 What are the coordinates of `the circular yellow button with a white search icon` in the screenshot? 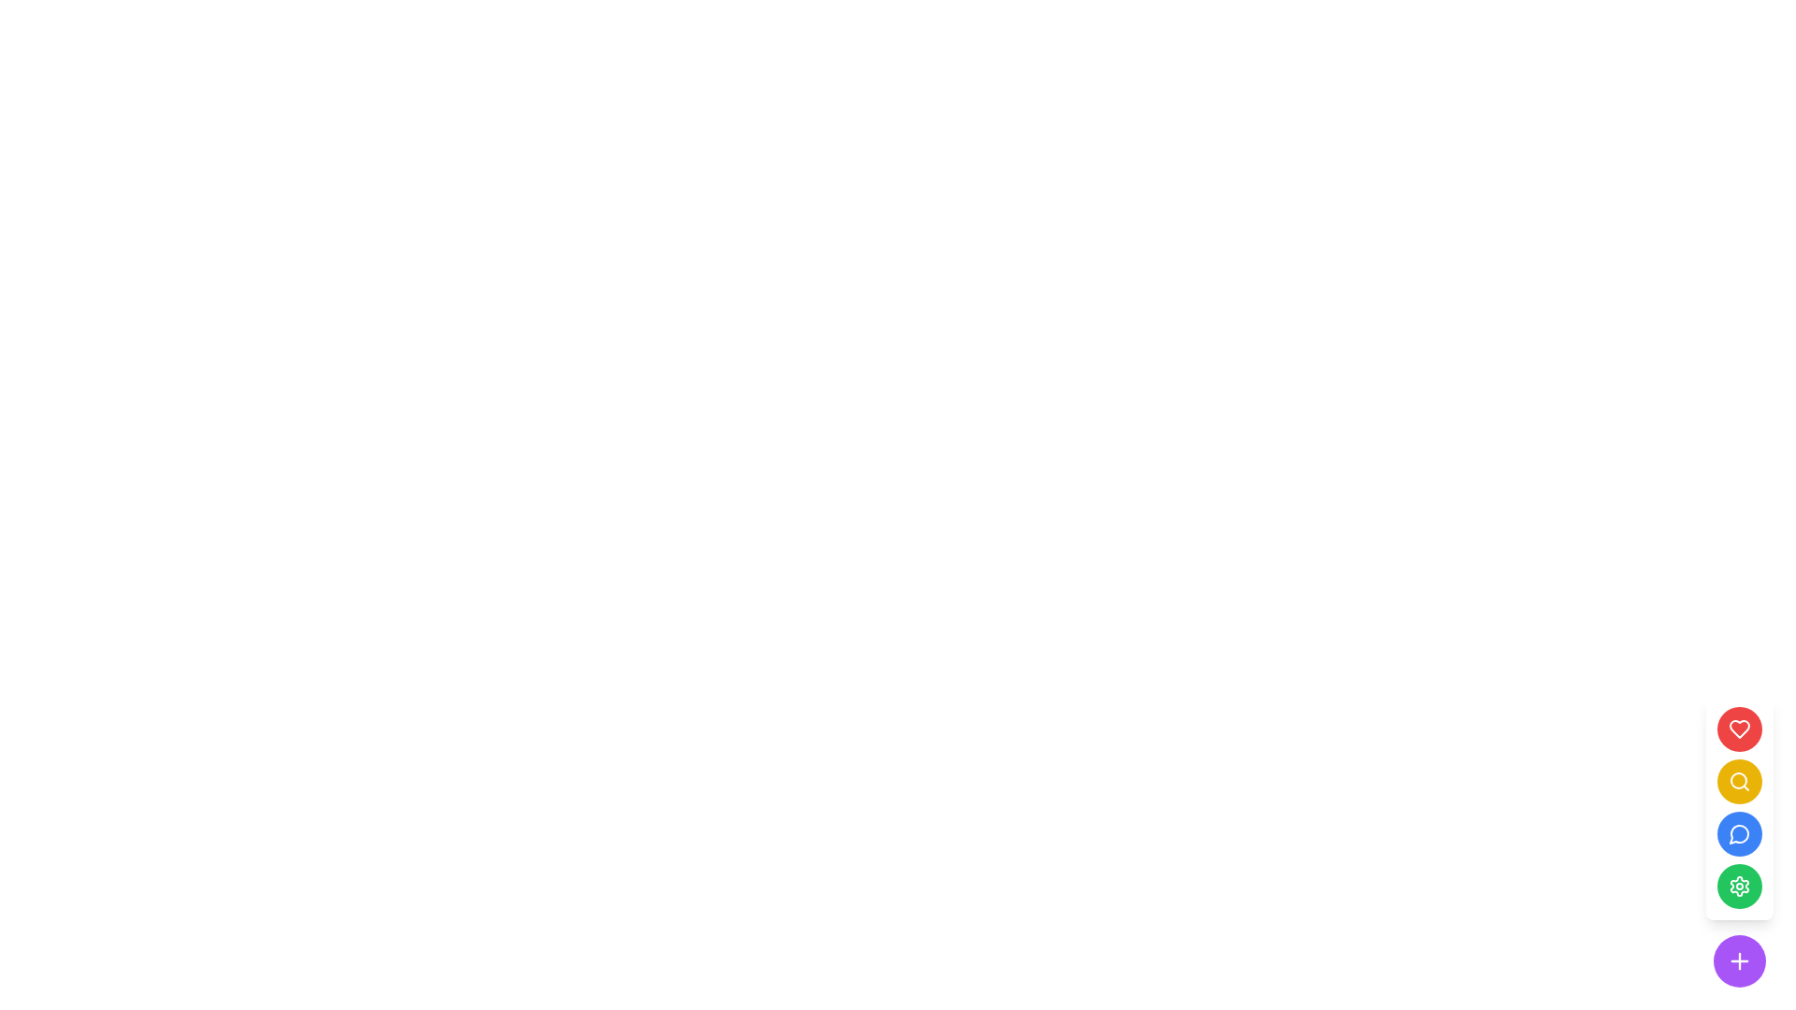 It's located at (1739, 782).